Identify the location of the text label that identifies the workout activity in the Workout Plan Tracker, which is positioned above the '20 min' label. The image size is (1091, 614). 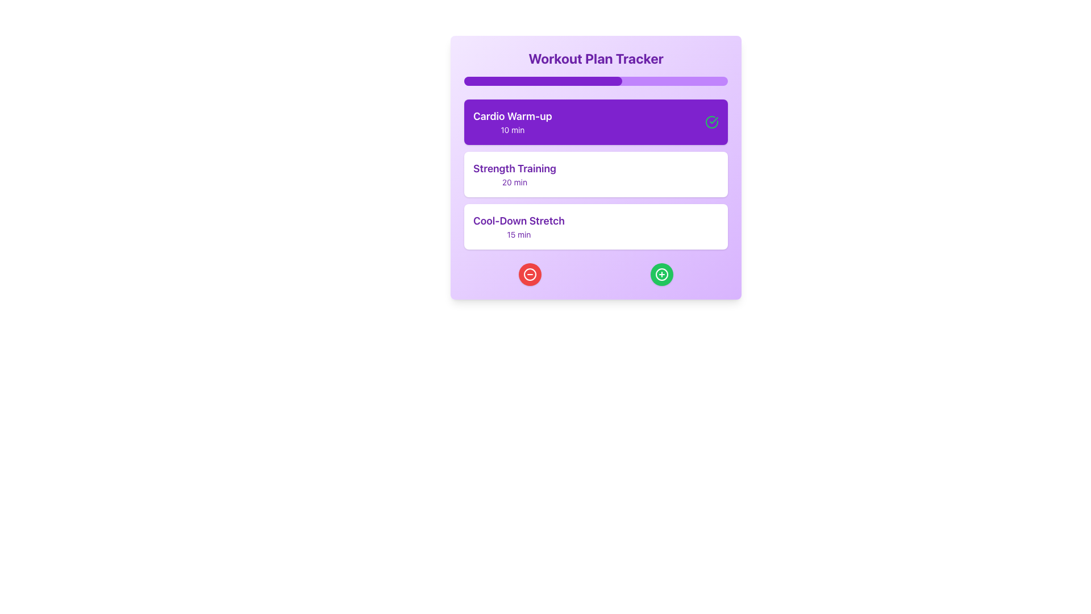
(514, 169).